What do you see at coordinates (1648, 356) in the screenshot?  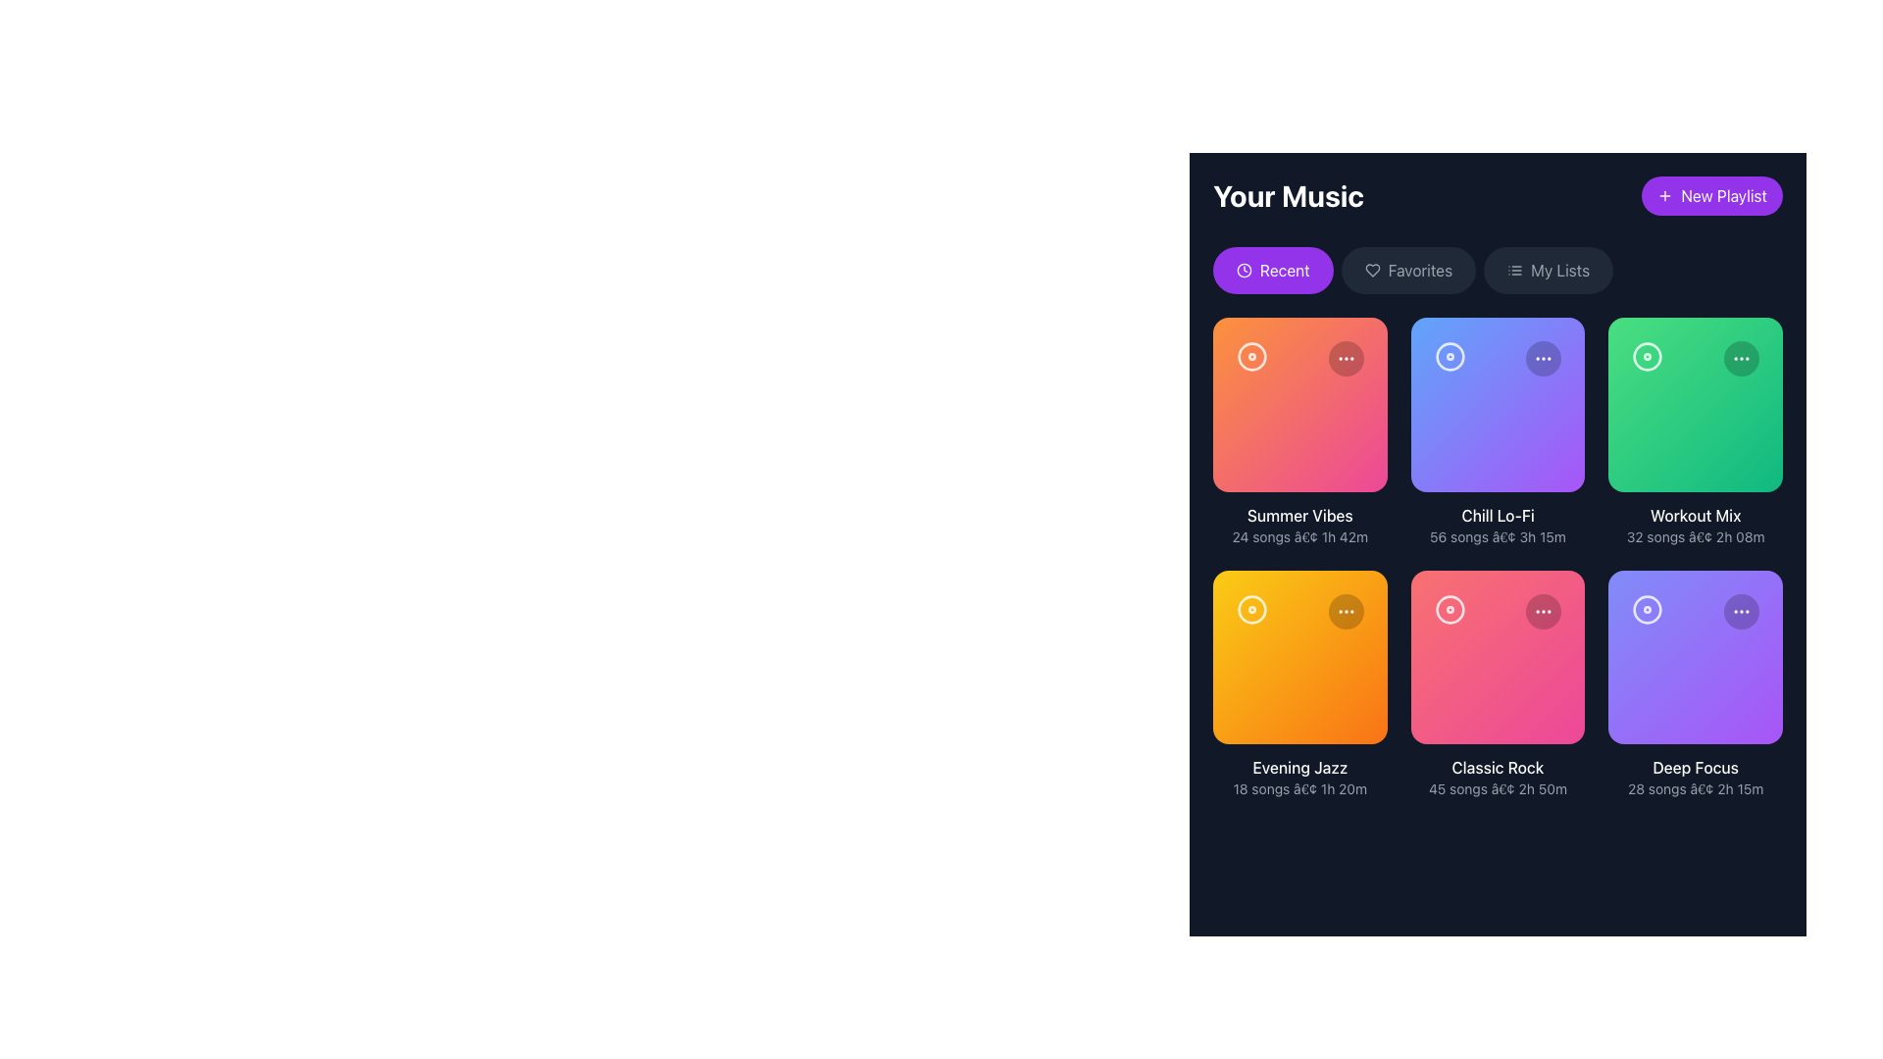 I see `the circular indicator icon located on the green card labeled 'Workout Mix' in the grid layout` at bounding box center [1648, 356].